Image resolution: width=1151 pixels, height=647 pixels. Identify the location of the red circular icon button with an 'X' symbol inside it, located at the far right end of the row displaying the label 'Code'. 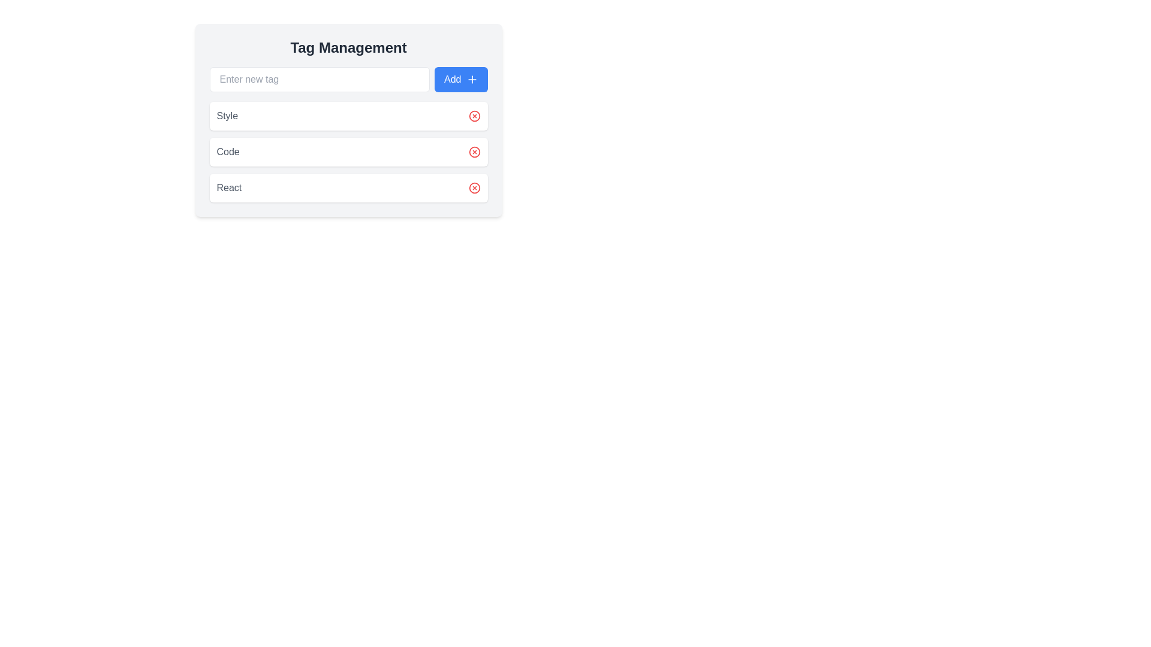
(474, 152).